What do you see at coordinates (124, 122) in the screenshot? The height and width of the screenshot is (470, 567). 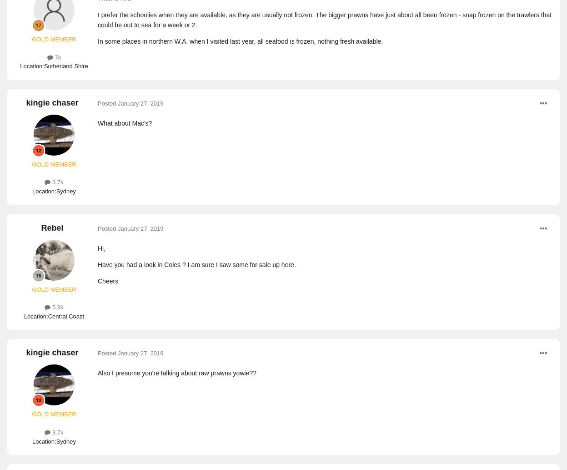 I see `'What about Mac's?'` at bounding box center [124, 122].